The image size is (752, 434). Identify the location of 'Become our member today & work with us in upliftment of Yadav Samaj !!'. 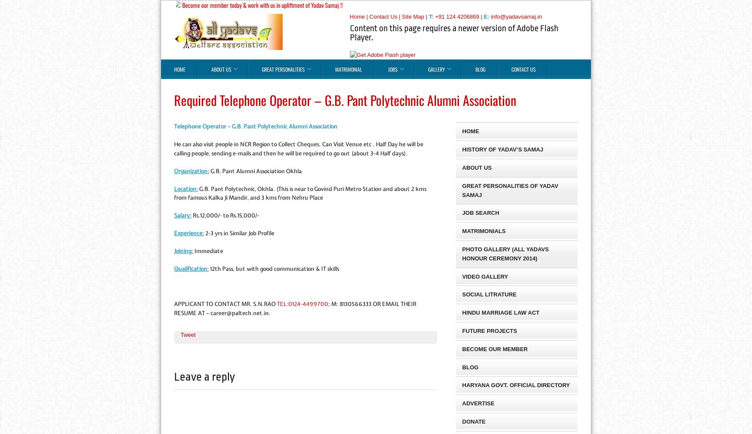
(254, 5).